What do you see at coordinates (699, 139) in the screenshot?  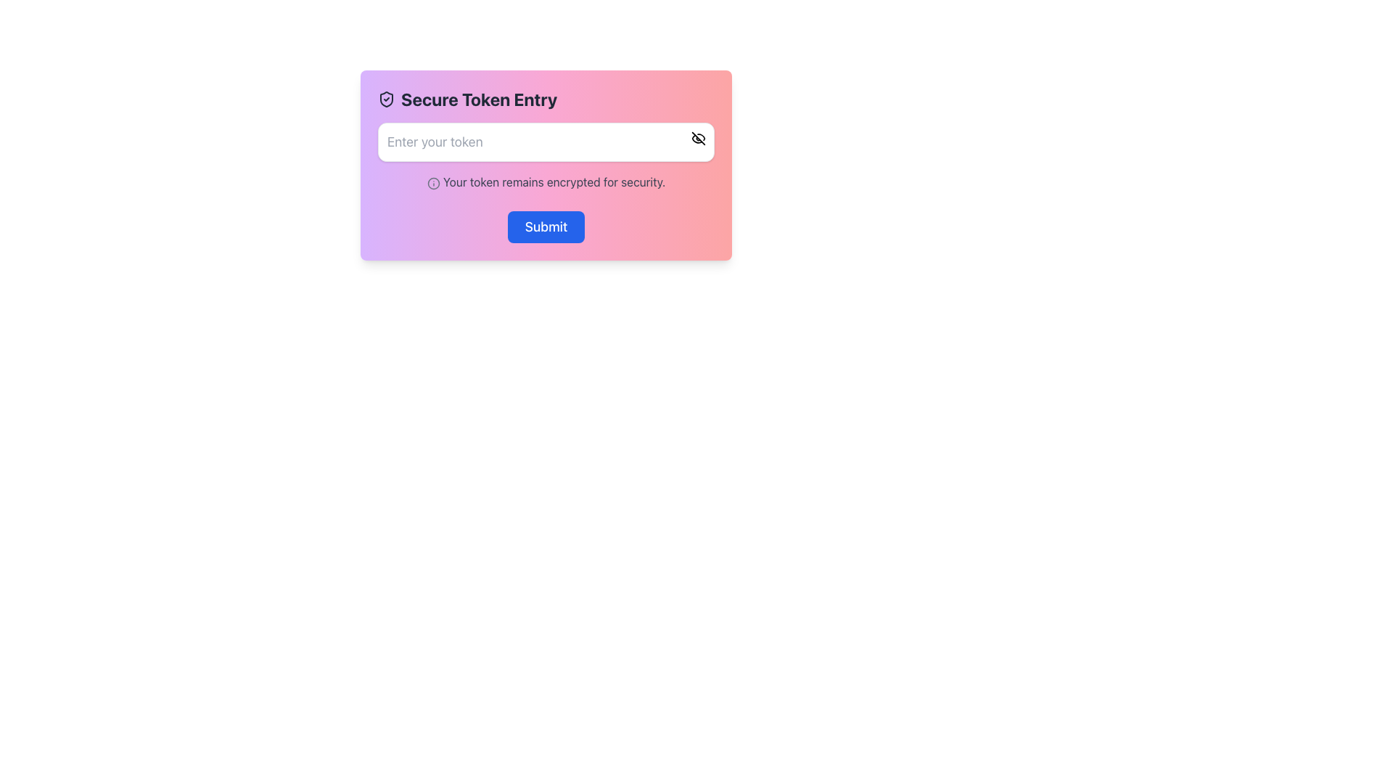 I see `the input field labeled 'Enter your token'` at bounding box center [699, 139].